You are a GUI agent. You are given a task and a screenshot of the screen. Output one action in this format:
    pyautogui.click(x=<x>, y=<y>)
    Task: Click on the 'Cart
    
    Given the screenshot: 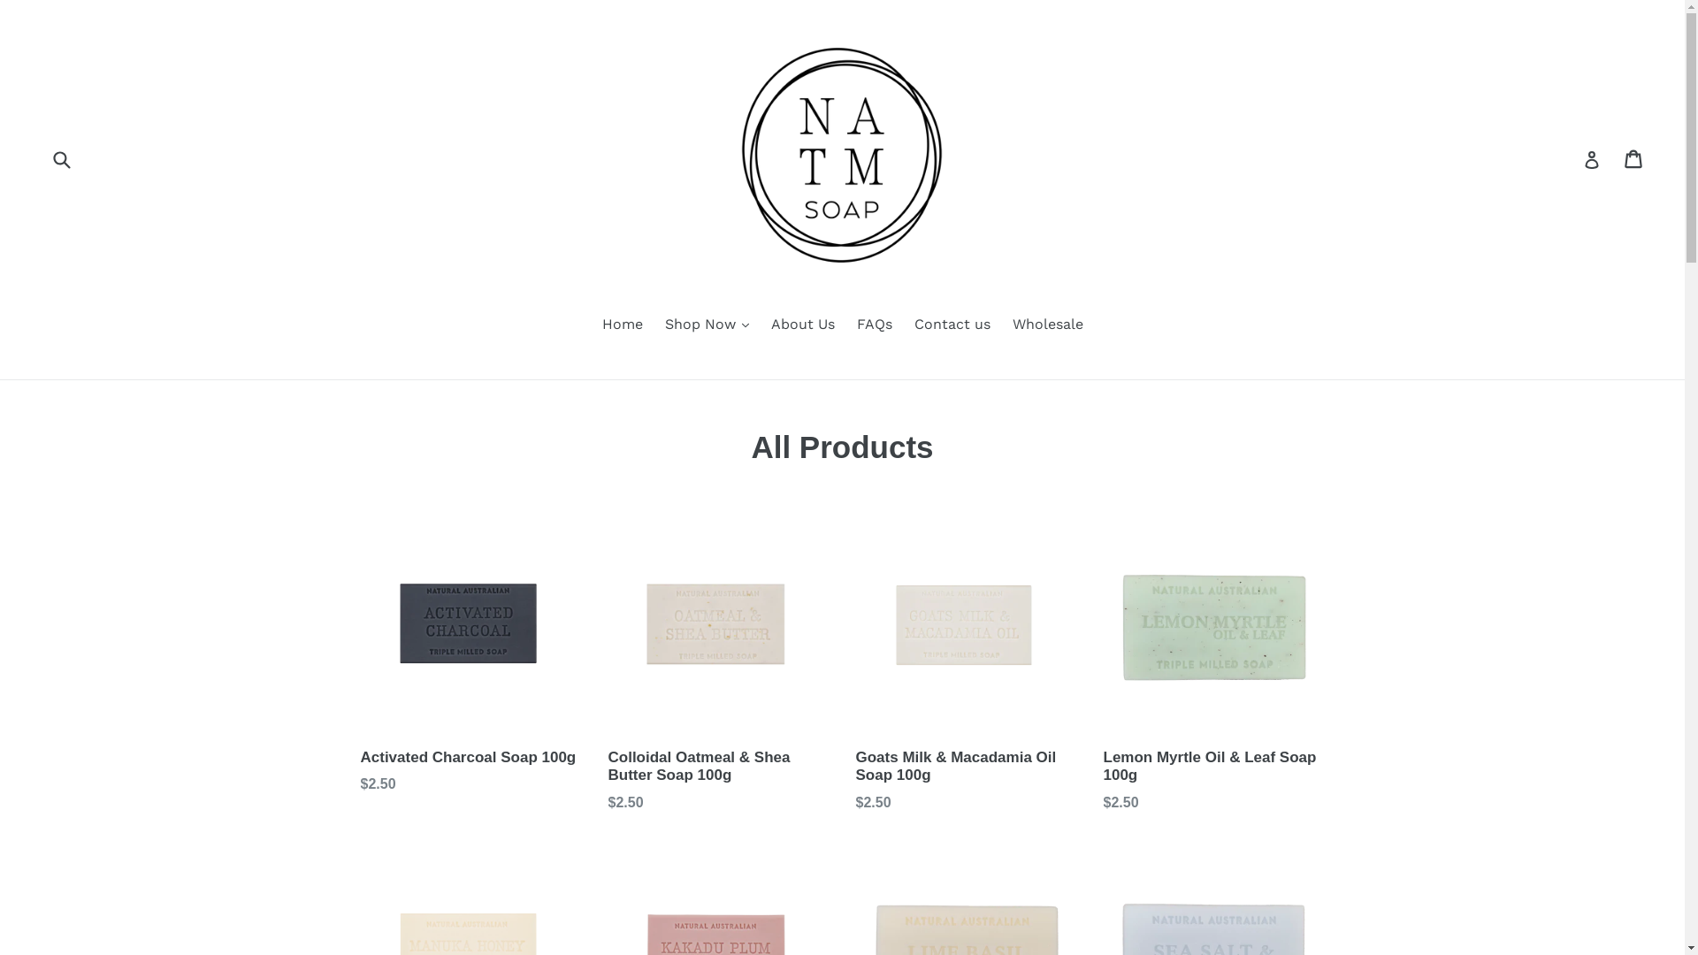 What is the action you would take?
    pyautogui.click(x=1633, y=159)
    